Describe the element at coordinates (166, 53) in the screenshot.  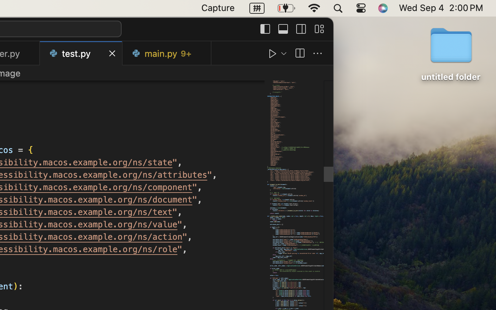
I see `'0 main.py   9+'` at that location.